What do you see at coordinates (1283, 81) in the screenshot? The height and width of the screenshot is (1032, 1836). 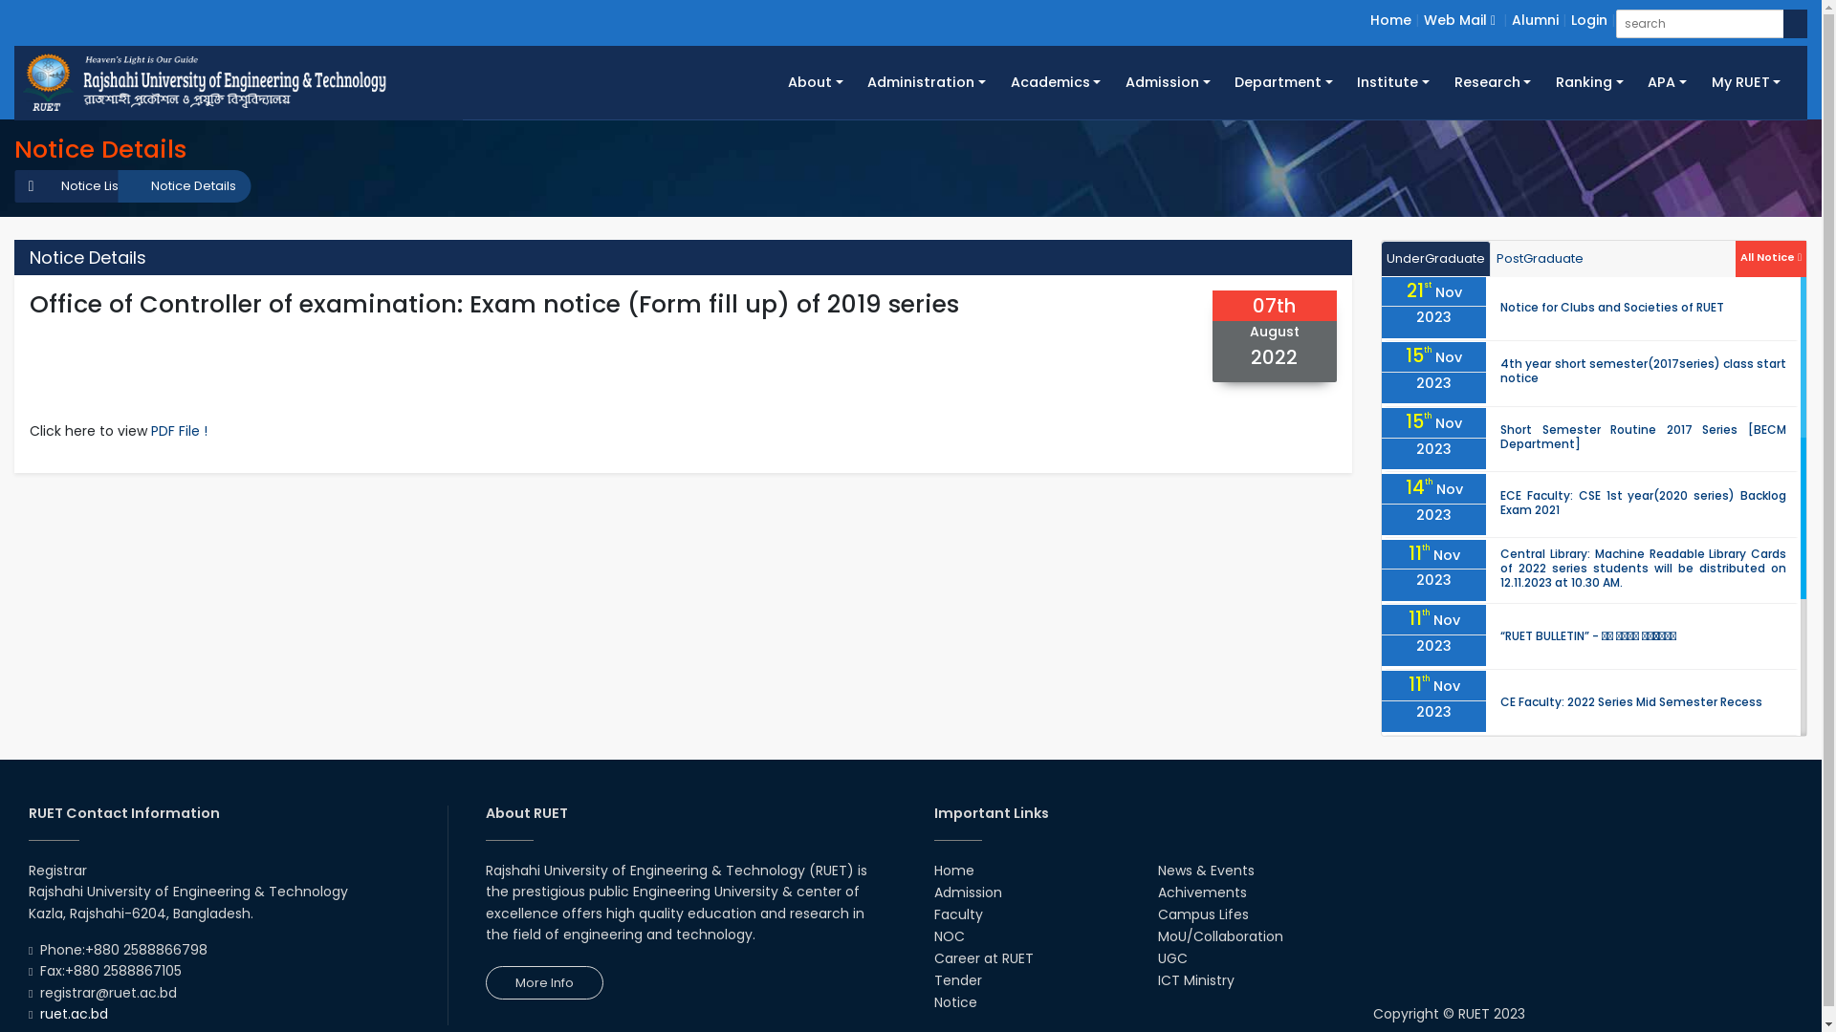 I see `'Department'` at bounding box center [1283, 81].